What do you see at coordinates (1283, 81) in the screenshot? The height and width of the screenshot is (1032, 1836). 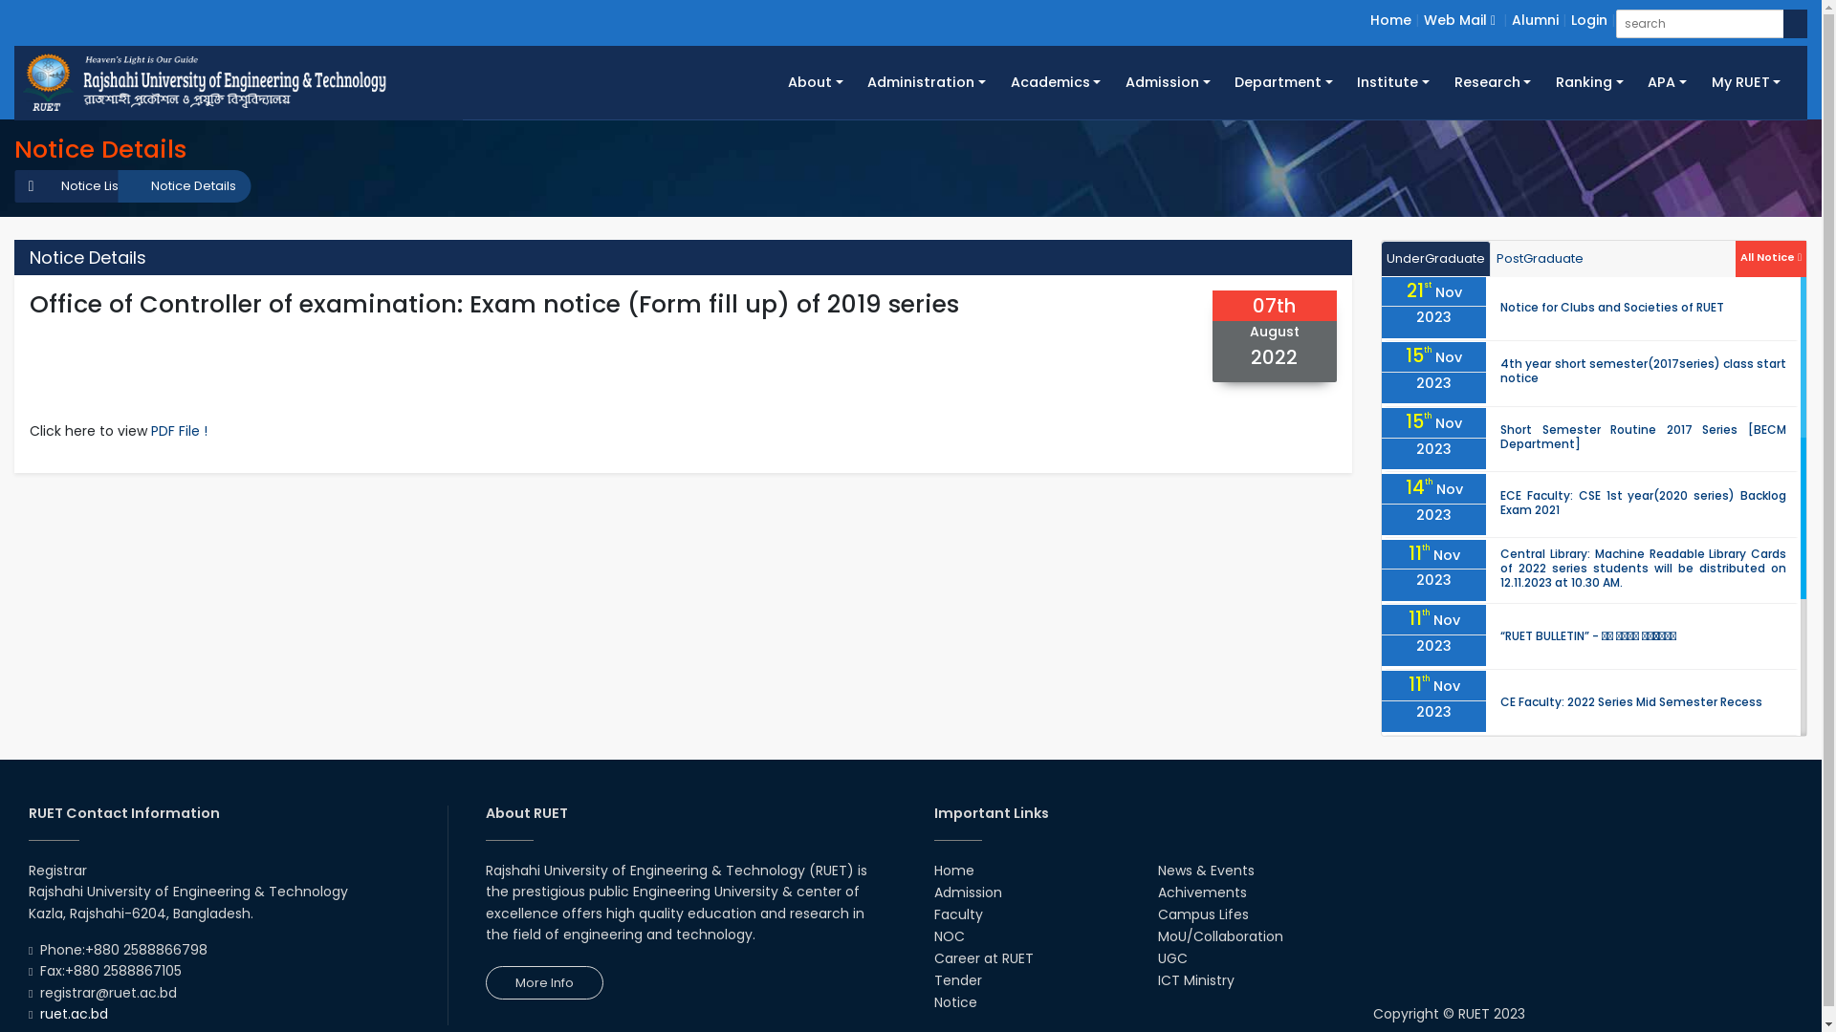 I see `'Department'` at bounding box center [1283, 81].